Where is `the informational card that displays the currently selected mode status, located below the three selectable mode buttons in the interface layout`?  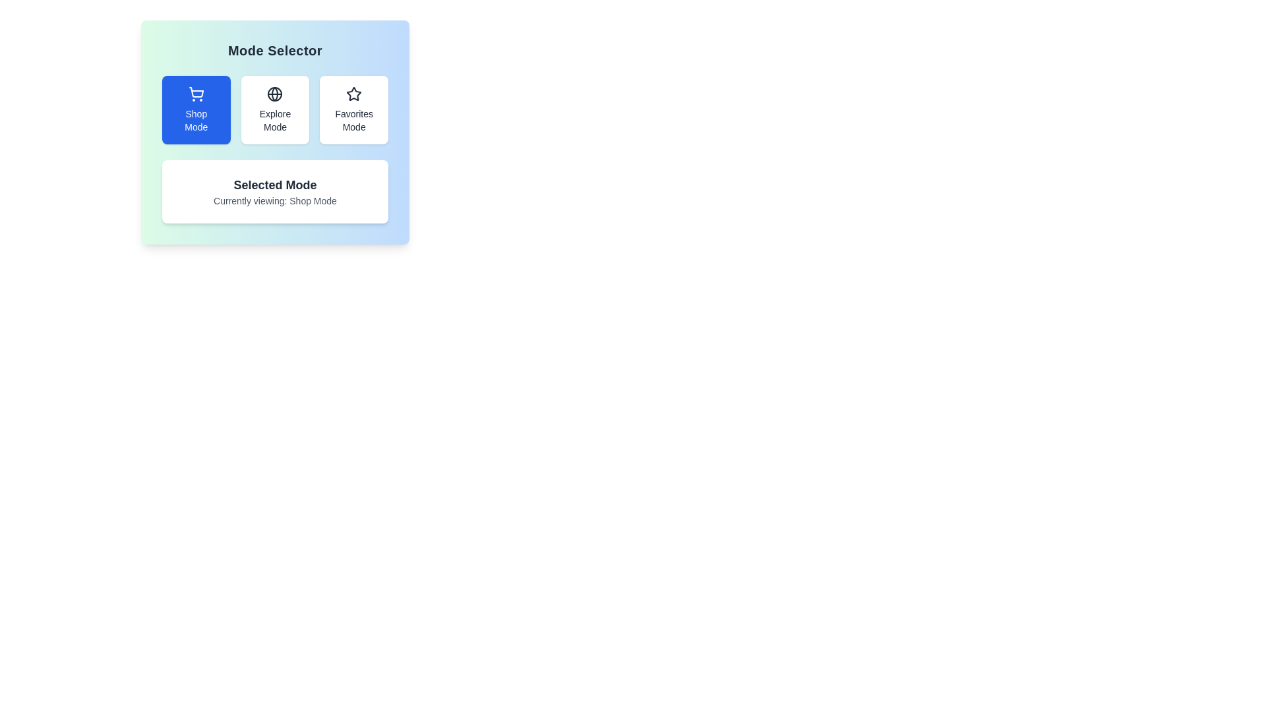 the informational card that displays the currently selected mode status, located below the three selectable mode buttons in the interface layout is located at coordinates (274, 191).